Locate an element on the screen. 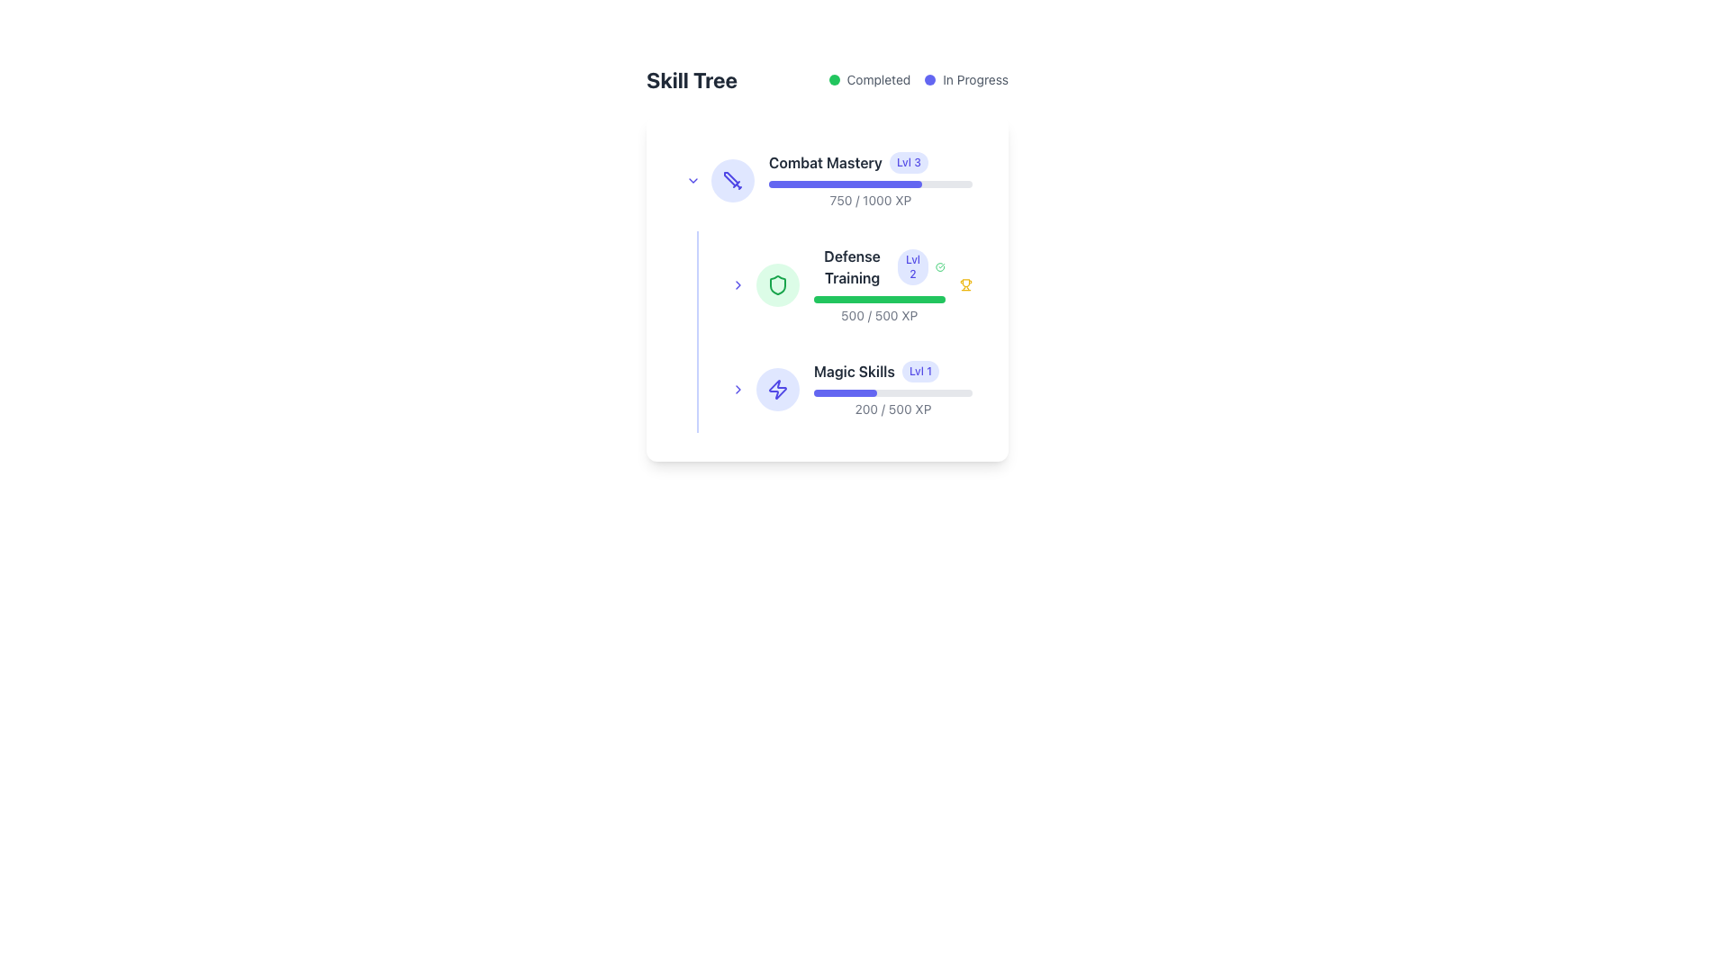  the progress bar segment that indicates the progress made in the 'Combat Mastery' skill within the skill tree UI is located at coordinates (844, 184).